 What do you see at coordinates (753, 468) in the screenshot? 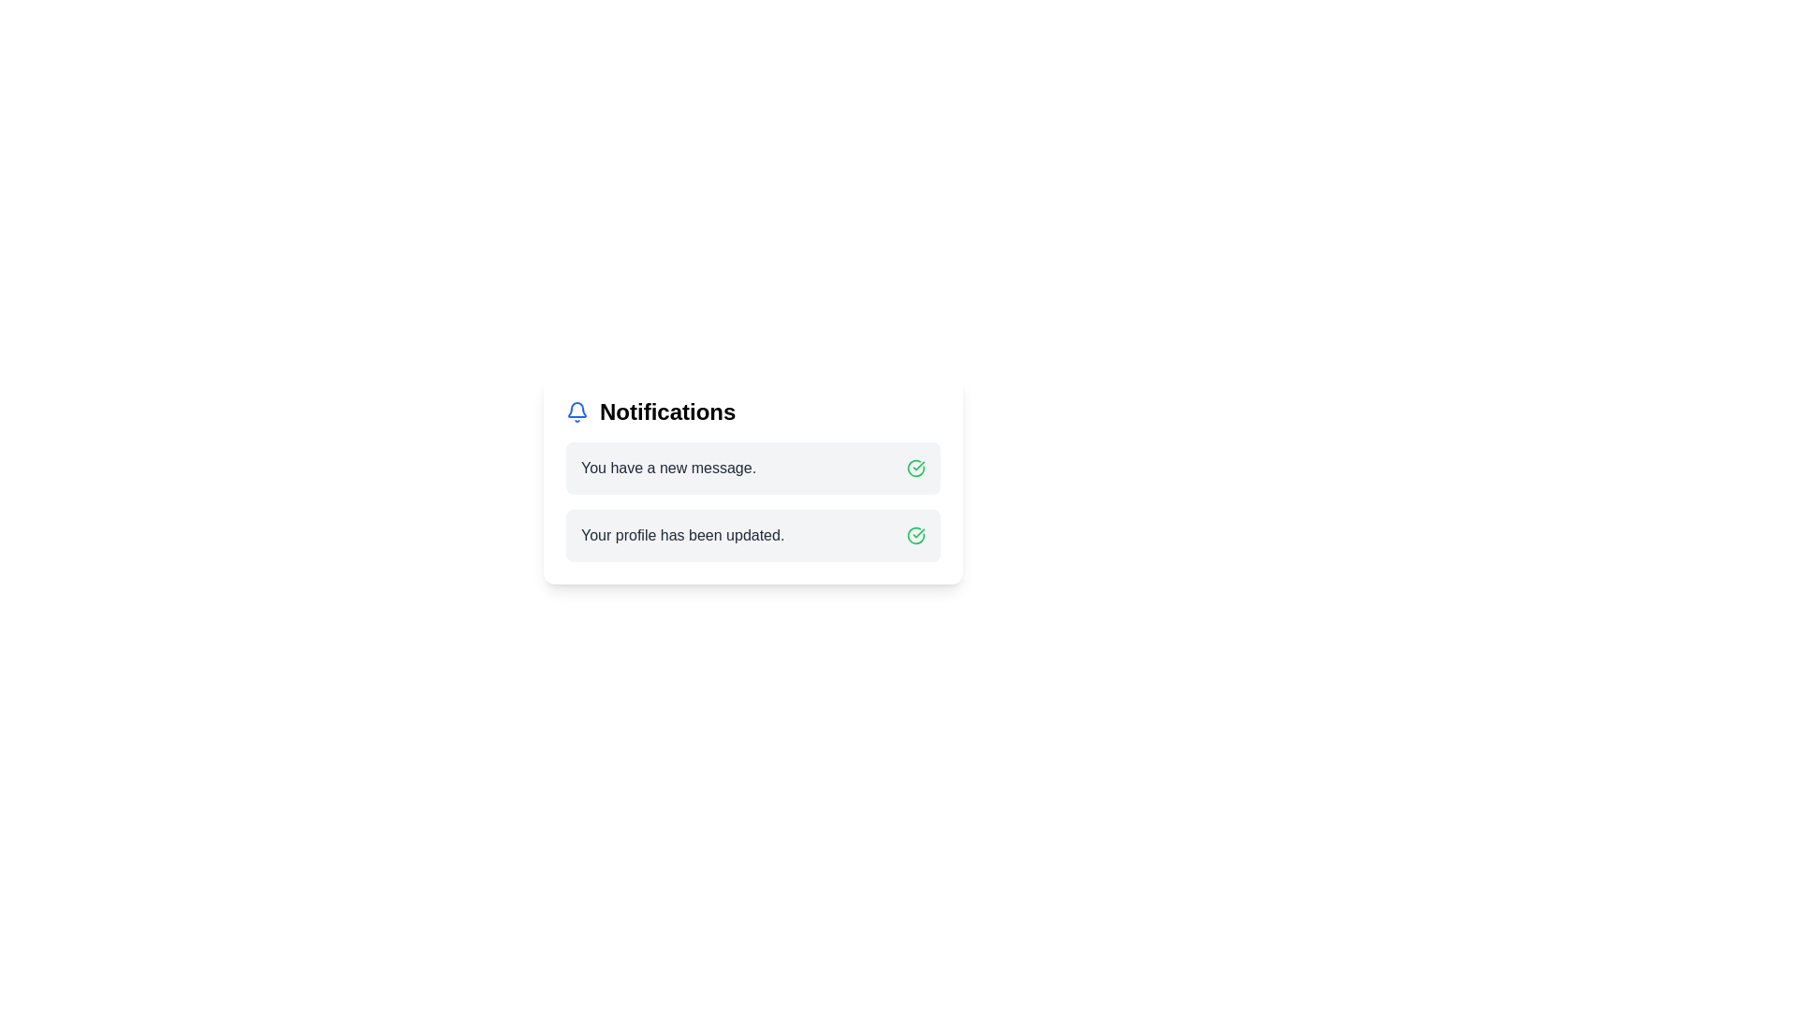
I see `the Notification Item that contains the text 'You have a new message.' for accessibility features` at bounding box center [753, 468].